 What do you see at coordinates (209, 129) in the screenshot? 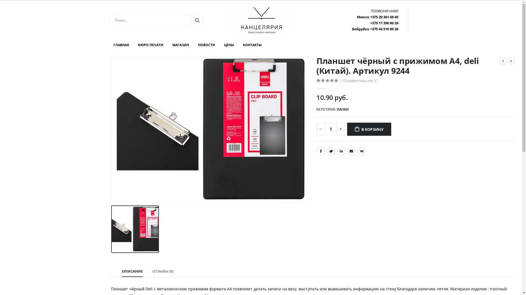
I see `'9244-planshet-prizim-deli'` at bounding box center [209, 129].